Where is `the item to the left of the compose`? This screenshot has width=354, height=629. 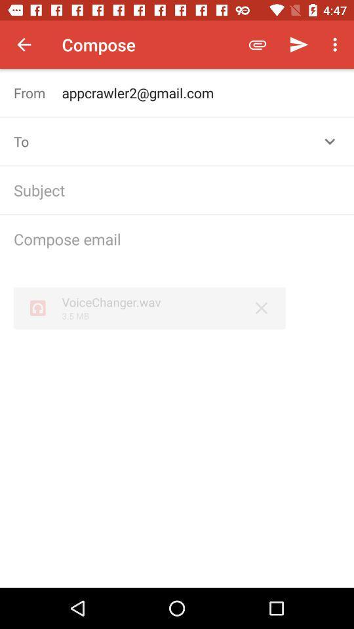
the item to the left of the compose is located at coordinates (24, 45).